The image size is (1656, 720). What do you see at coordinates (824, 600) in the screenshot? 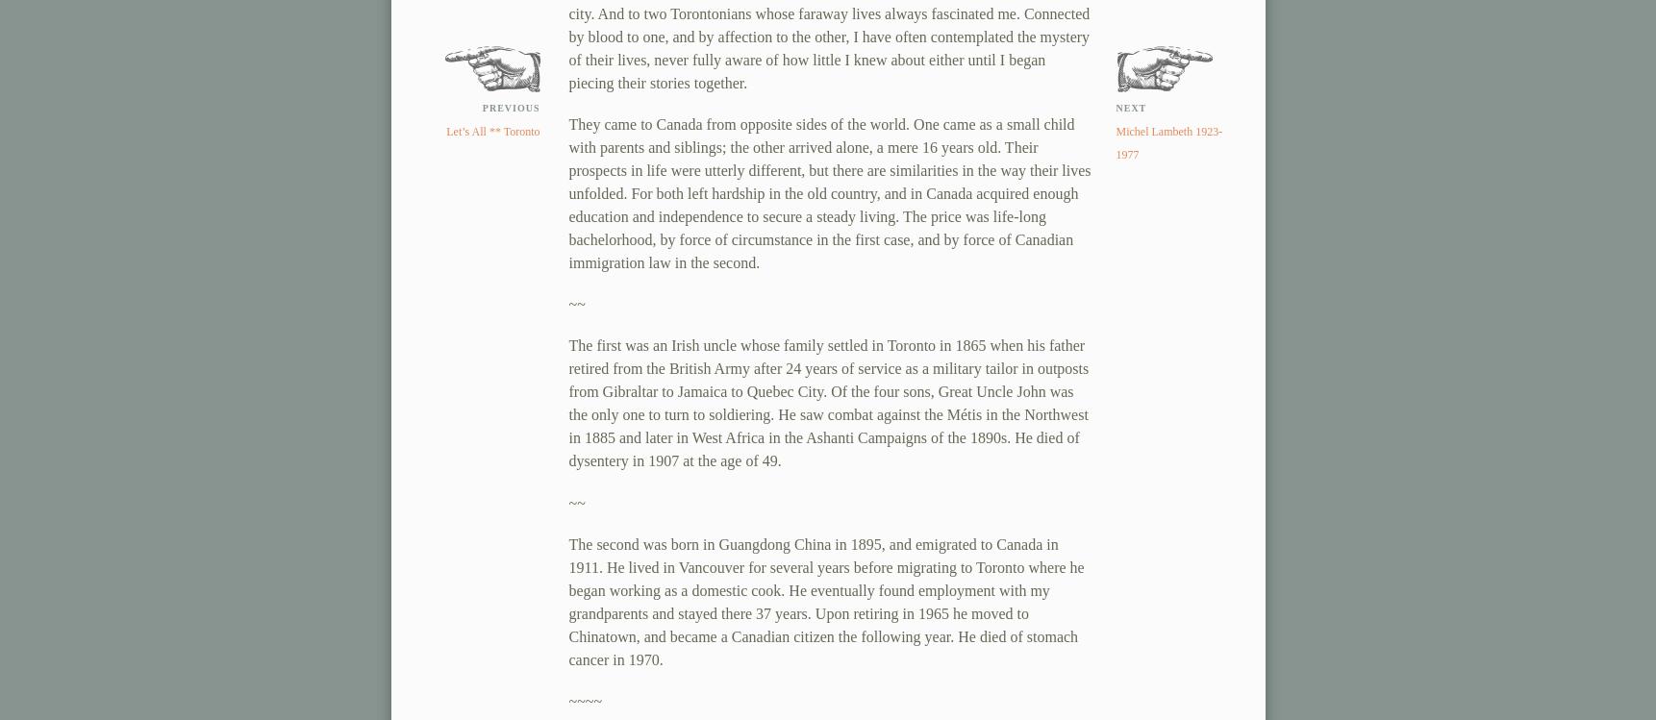
I see `'The second was born in Guangdong China in 1895, and emigrated to Canada in 1911. He lived in Vancouver for several years before migrating to Toronto where he began working as a domestic cook. He eventually found employment with my grandparents and stayed there 37 years. Upon retiring in 1965 he moved to Chinatown, and became a Canadian citizen the following year. He died of stomach cancer in 1970.'` at bounding box center [824, 600].